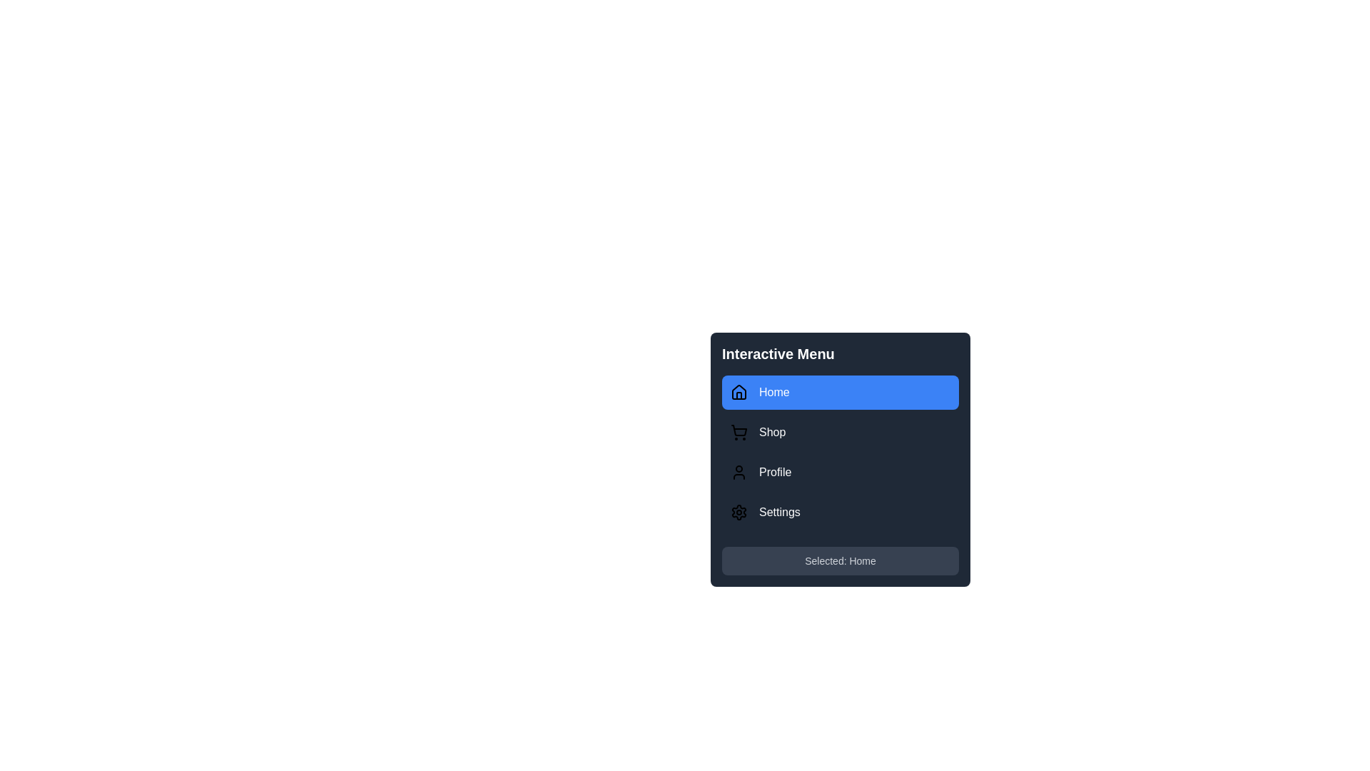  I want to click on the text label at the top of the menu interface, so click(777, 353).